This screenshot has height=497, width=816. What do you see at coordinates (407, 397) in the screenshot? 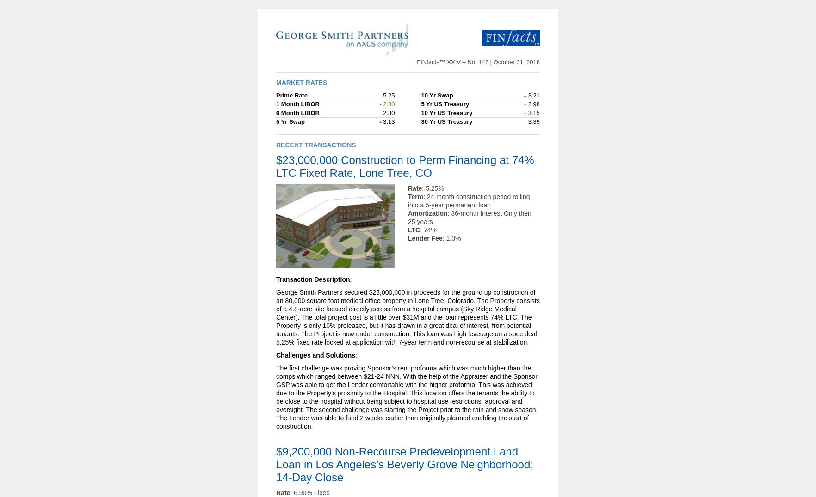
I see `'The first challenge was proving Sponsor’s rent proforma which was much higher than the comps which ranged between $21-24 NNN. With the help of the Appraiser and the Sponsor, GSP was able to get the Lender comfortable with the higher proforma. This was achieved due to the Property’s proximity to the Hospital. This location offers the tenants the ability to be close to the hospital without being subject to hospital use restrictions, approval and oversight. The second challenge was starting the Project prior to the rain and snow season. The Lender was able to fund 2 weeks earlier than originally planned enabling the start of construction.'` at bounding box center [407, 397].